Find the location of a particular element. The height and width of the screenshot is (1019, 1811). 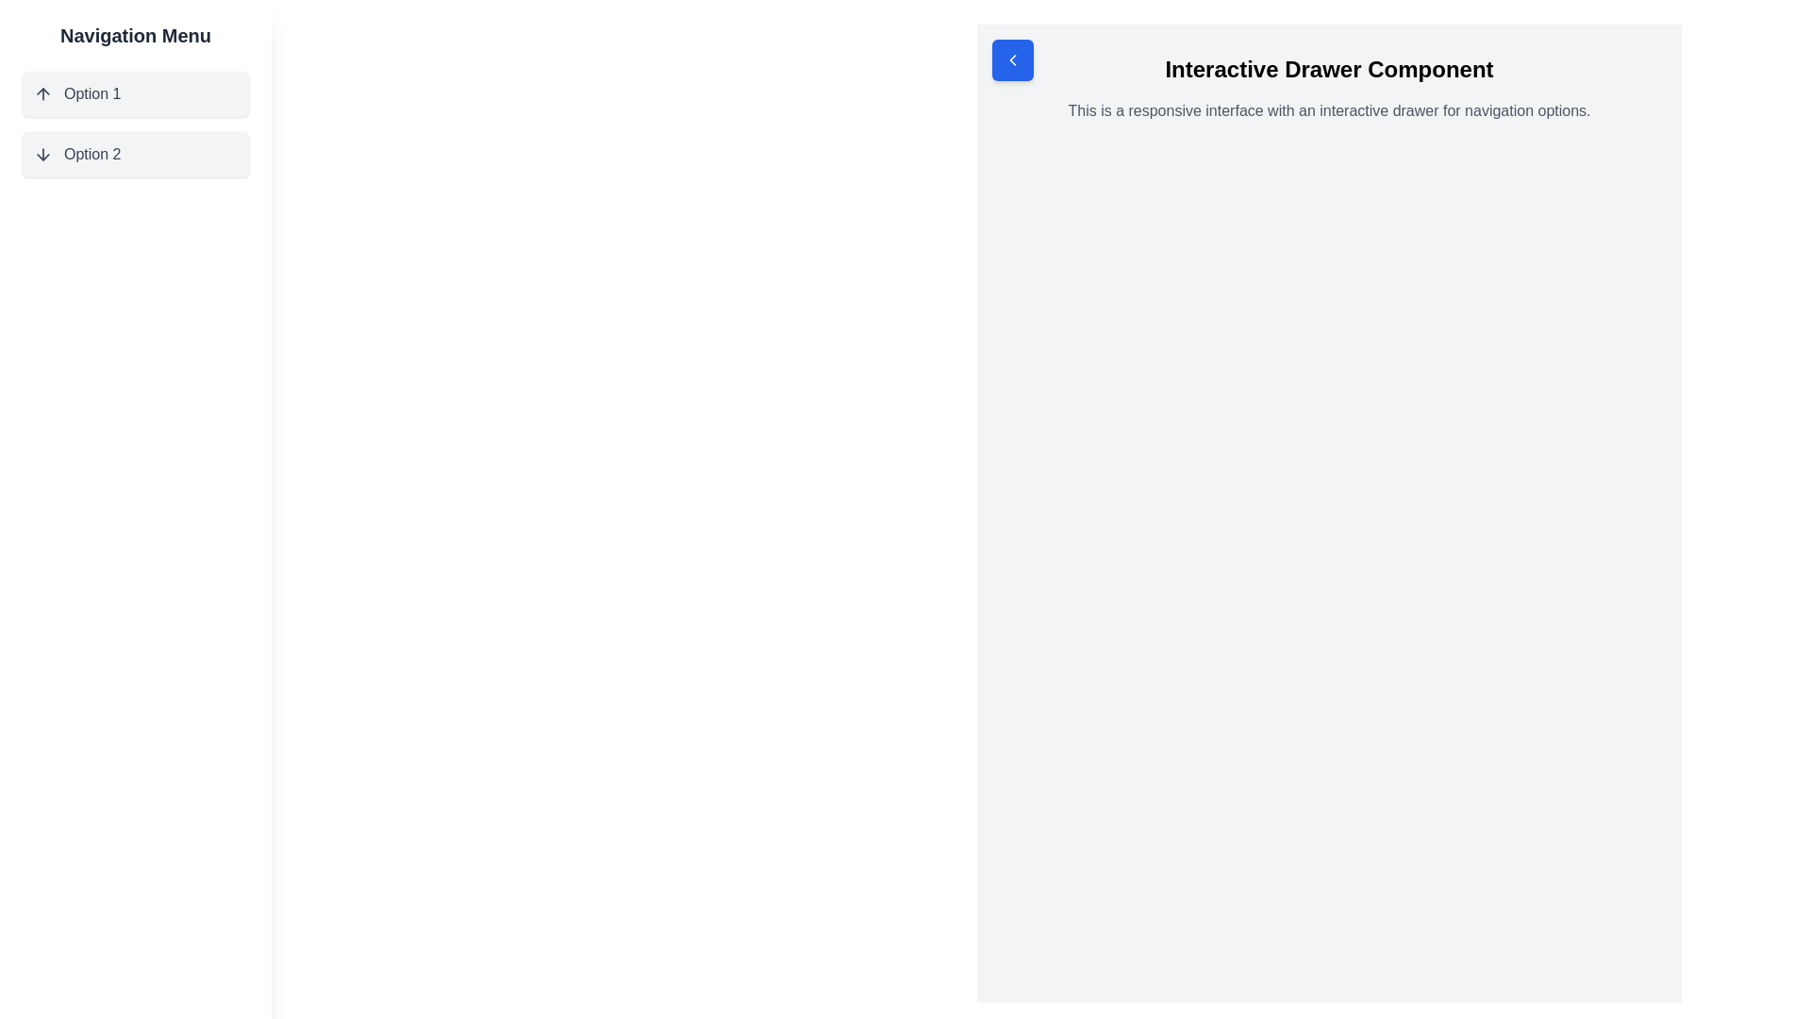

first button in the vertical navigation menu for accessibility purposes is located at coordinates (135, 94).